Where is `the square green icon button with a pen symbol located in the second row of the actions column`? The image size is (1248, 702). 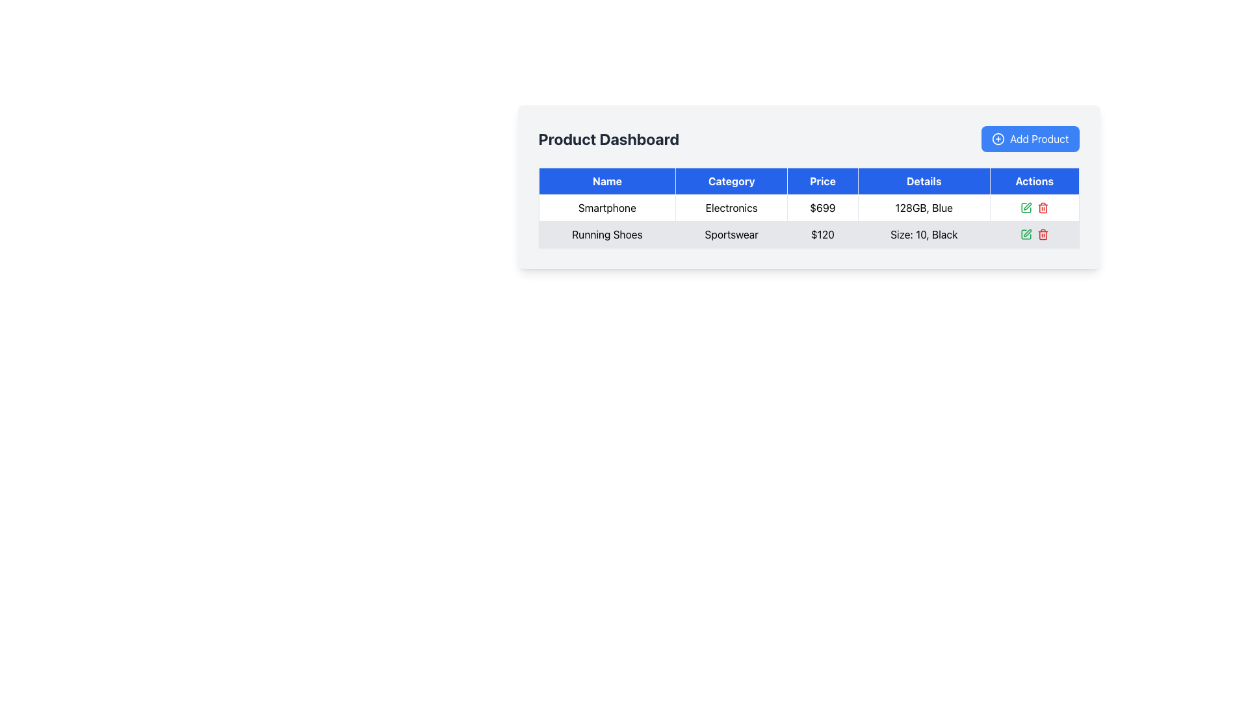 the square green icon button with a pen symbol located in the second row of the actions column is located at coordinates (1025, 235).